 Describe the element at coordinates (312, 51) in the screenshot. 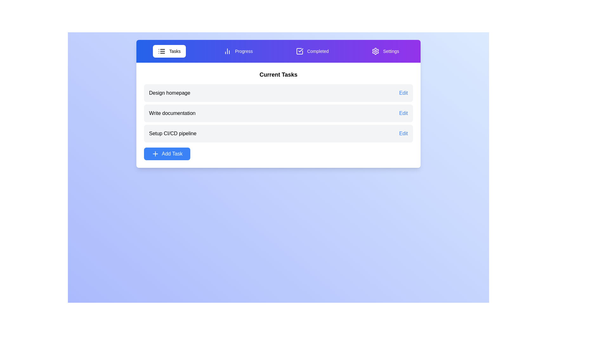

I see `the 'Completed' button with a purple gradient background, which is centrally located in the navigation bar and features white text and a checkmark icon` at that location.